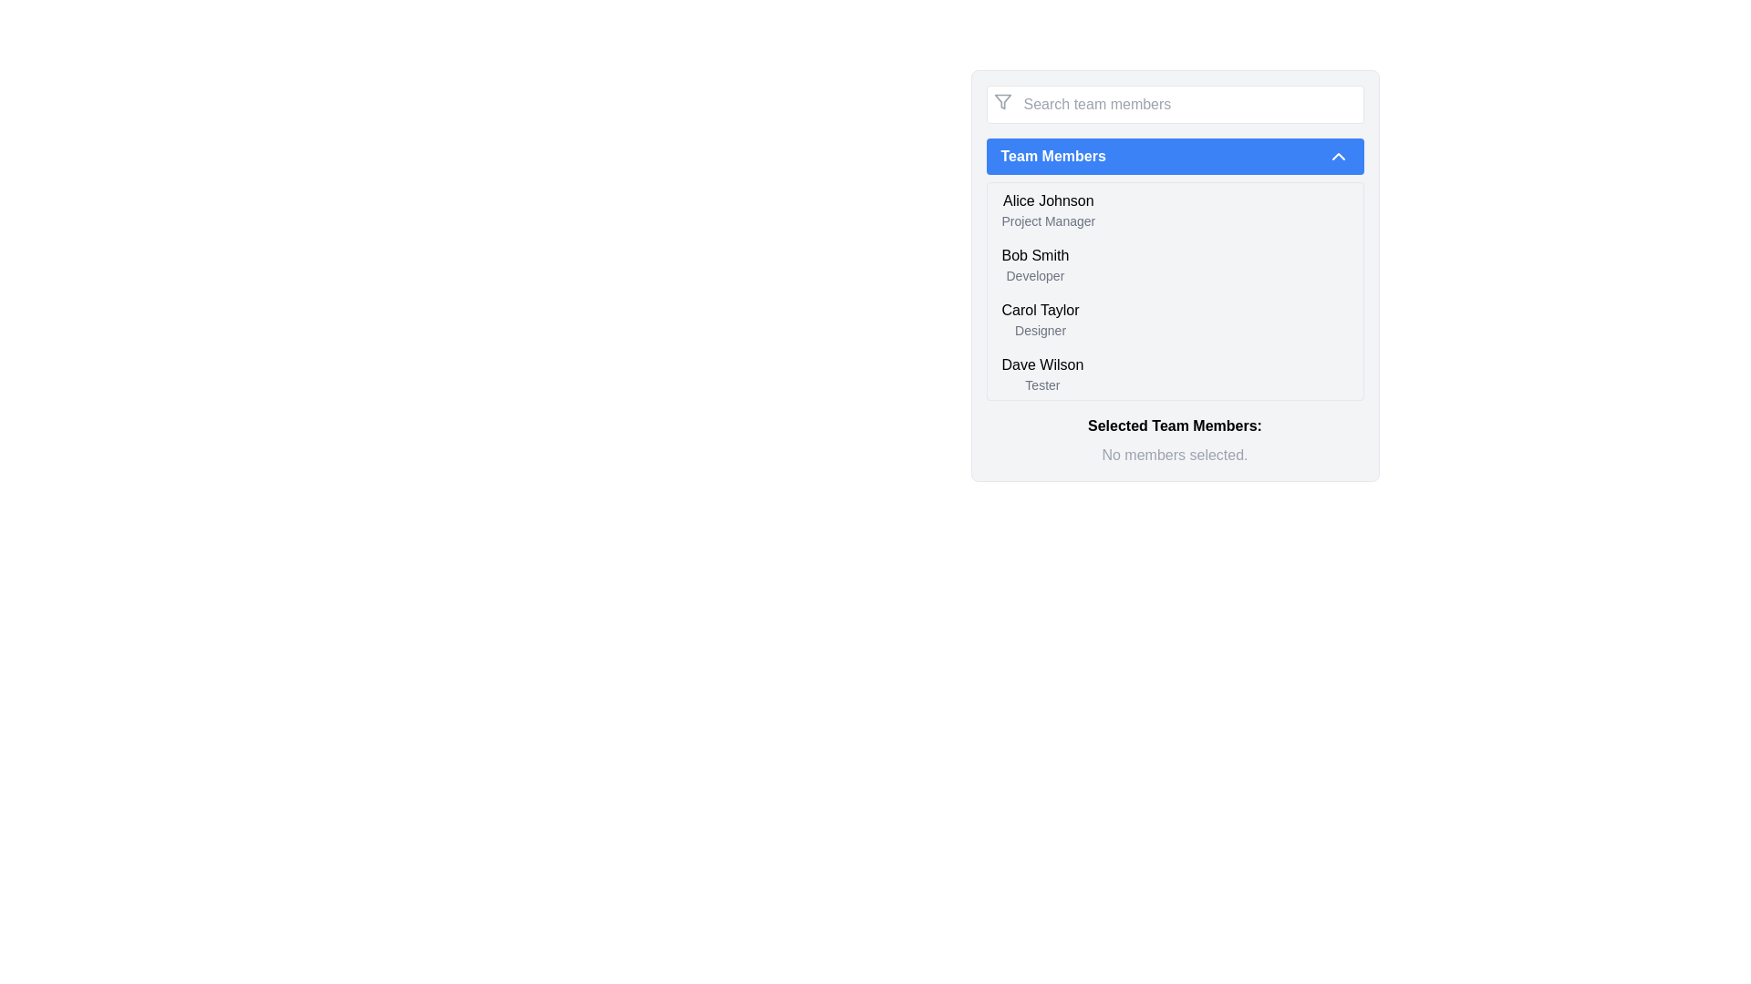  Describe the element at coordinates (1175, 374) in the screenshot. I see `the fourth item in the 'Team Members' dropdown` at that location.